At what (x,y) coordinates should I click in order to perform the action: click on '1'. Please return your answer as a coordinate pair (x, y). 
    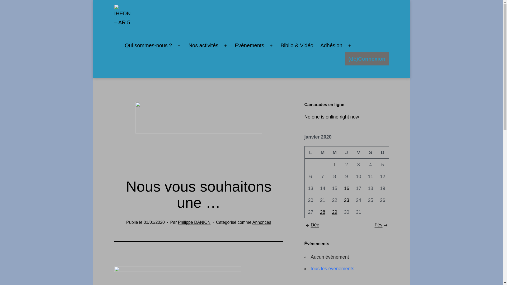
    Looking at the image, I should click on (334, 164).